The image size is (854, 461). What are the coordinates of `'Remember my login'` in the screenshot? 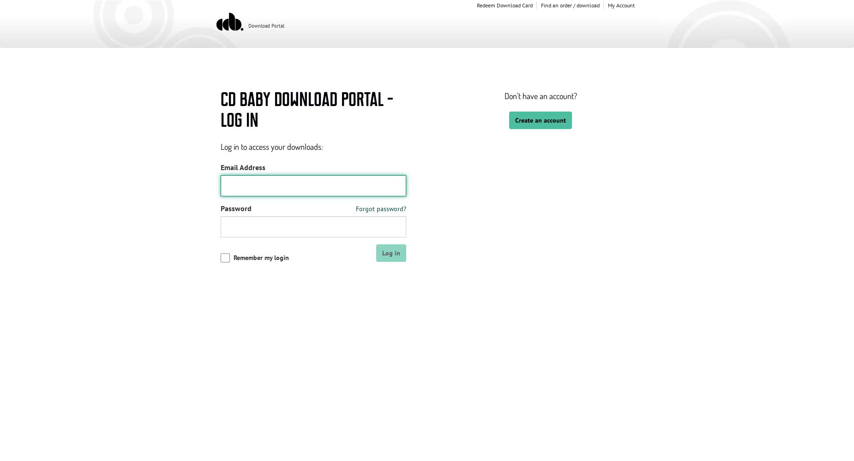 It's located at (260, 258).